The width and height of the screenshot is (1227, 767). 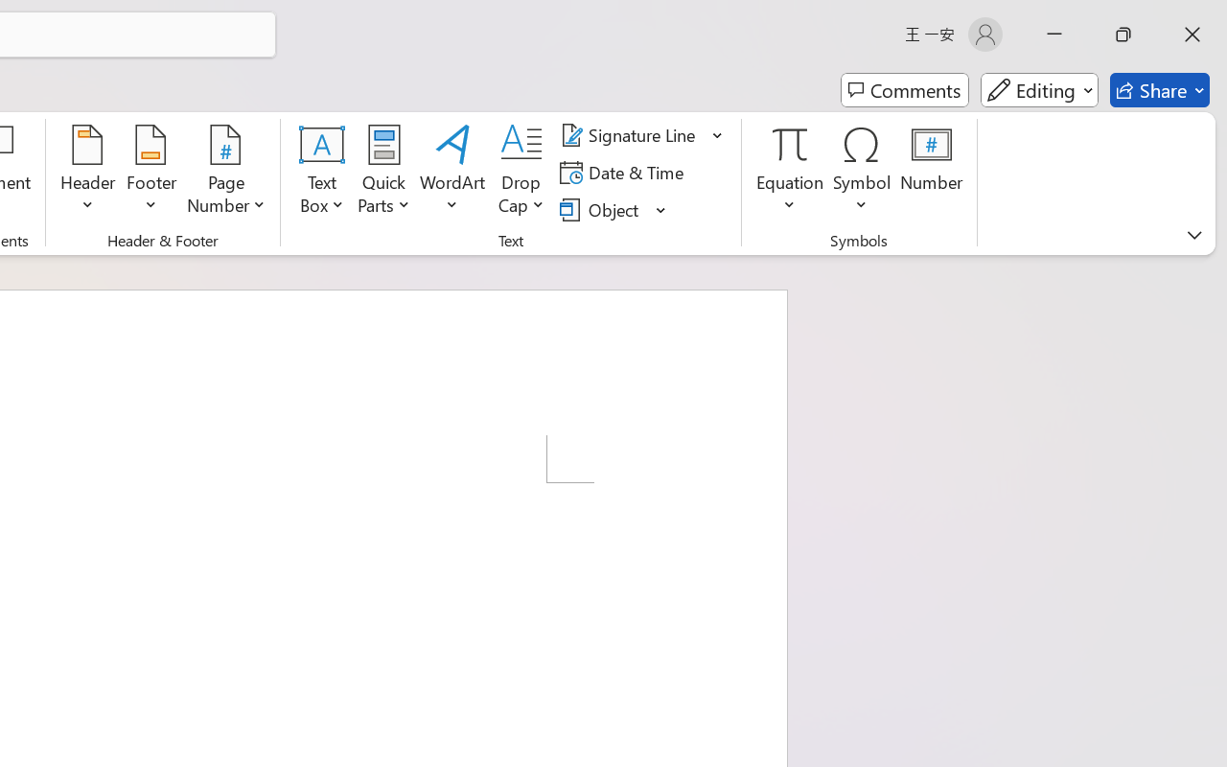 I want to click on 'Object...', so click(x=601, y=209).